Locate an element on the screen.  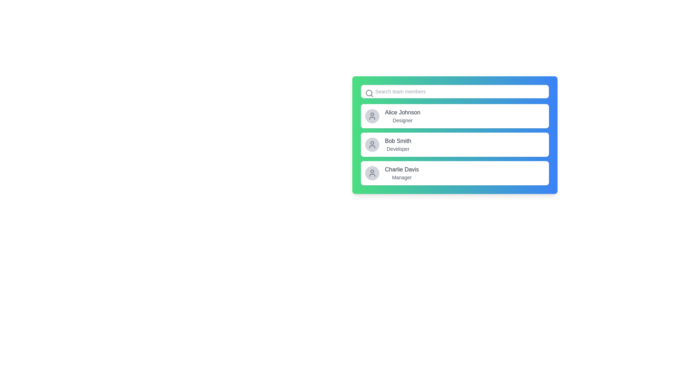
on the static text label displaying 'Charlie Davis' is located at coordinates (402, 169).